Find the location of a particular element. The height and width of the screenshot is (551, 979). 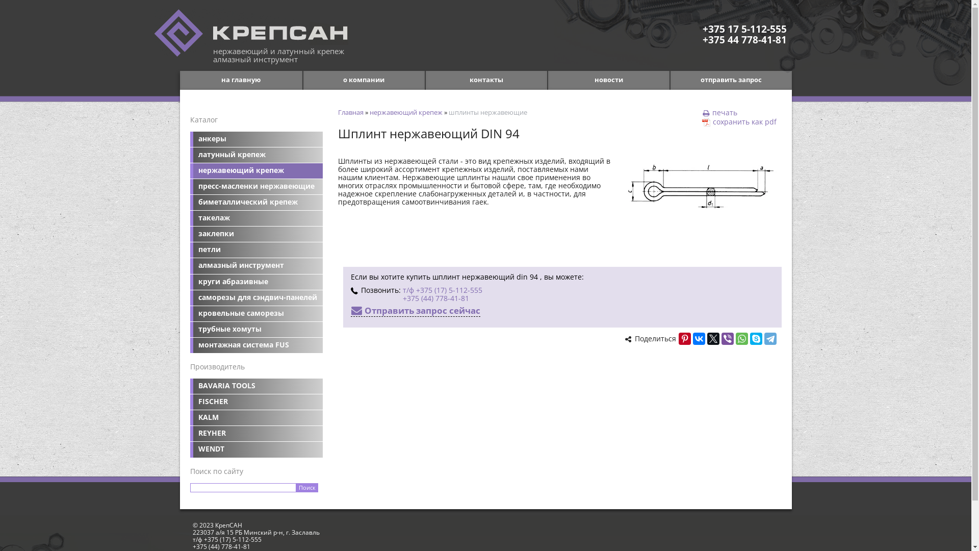

'Telegram' is located at coordinates (770, 338).